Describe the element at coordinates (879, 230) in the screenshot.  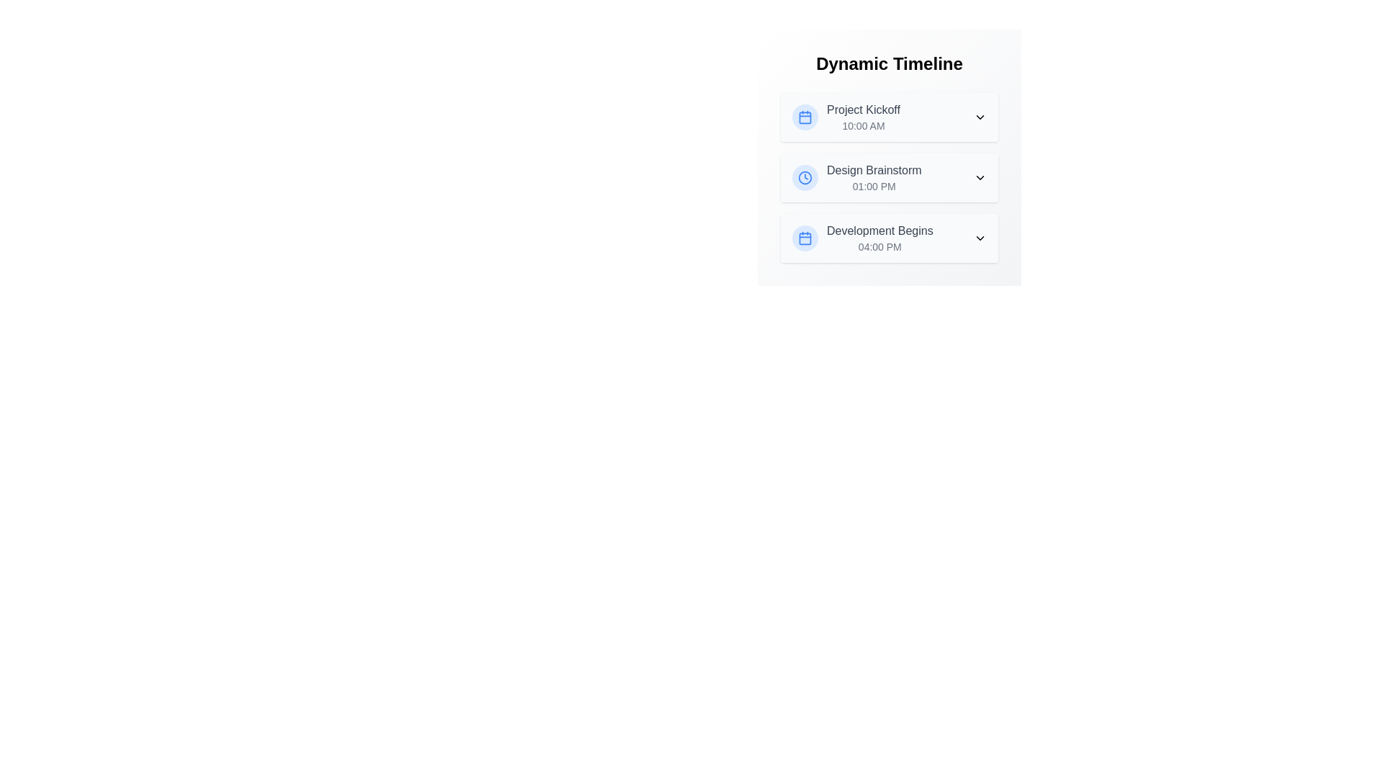
I see `the text label that displays the title or identifier for a scheduled event in the 'Dynamic Timeline' interface, located below 'Design Brainstorm' and above '04:00 PM'` at that location.